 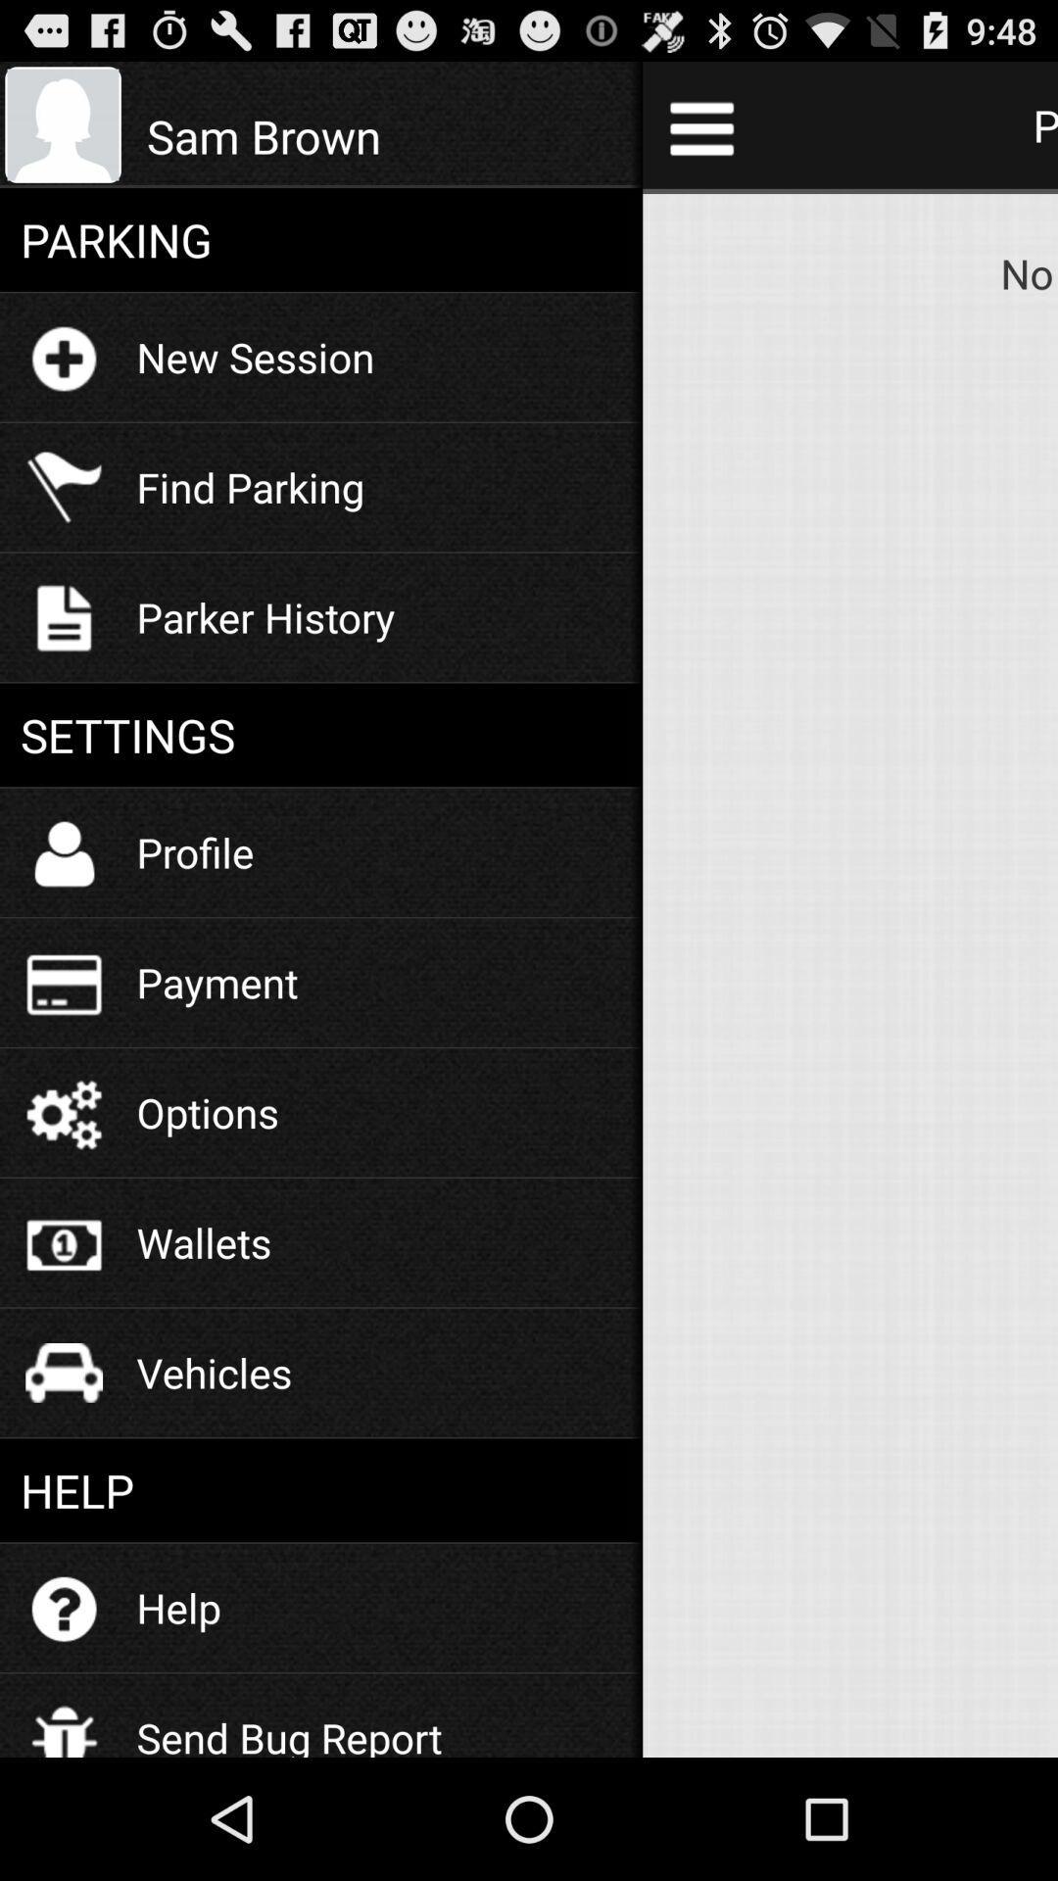 What do you see at coordinates (208, 1112) in the screenshot?
I see `options icon` at bounding box center [208, 1112].